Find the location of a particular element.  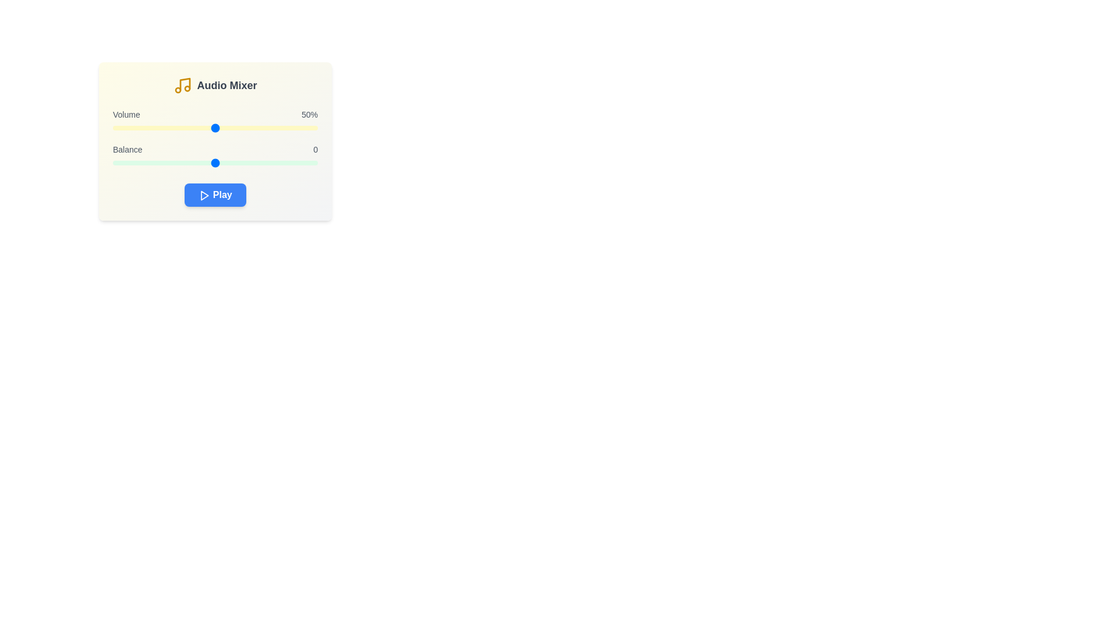

the volume is located at coordinates (205, 128).